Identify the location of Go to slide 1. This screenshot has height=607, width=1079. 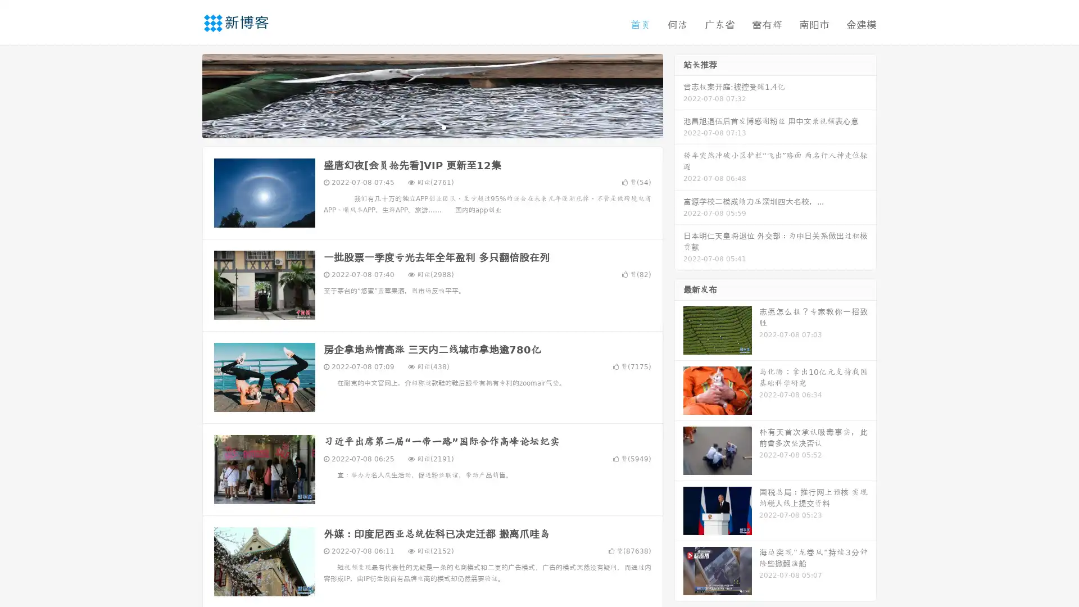
(420, 126).